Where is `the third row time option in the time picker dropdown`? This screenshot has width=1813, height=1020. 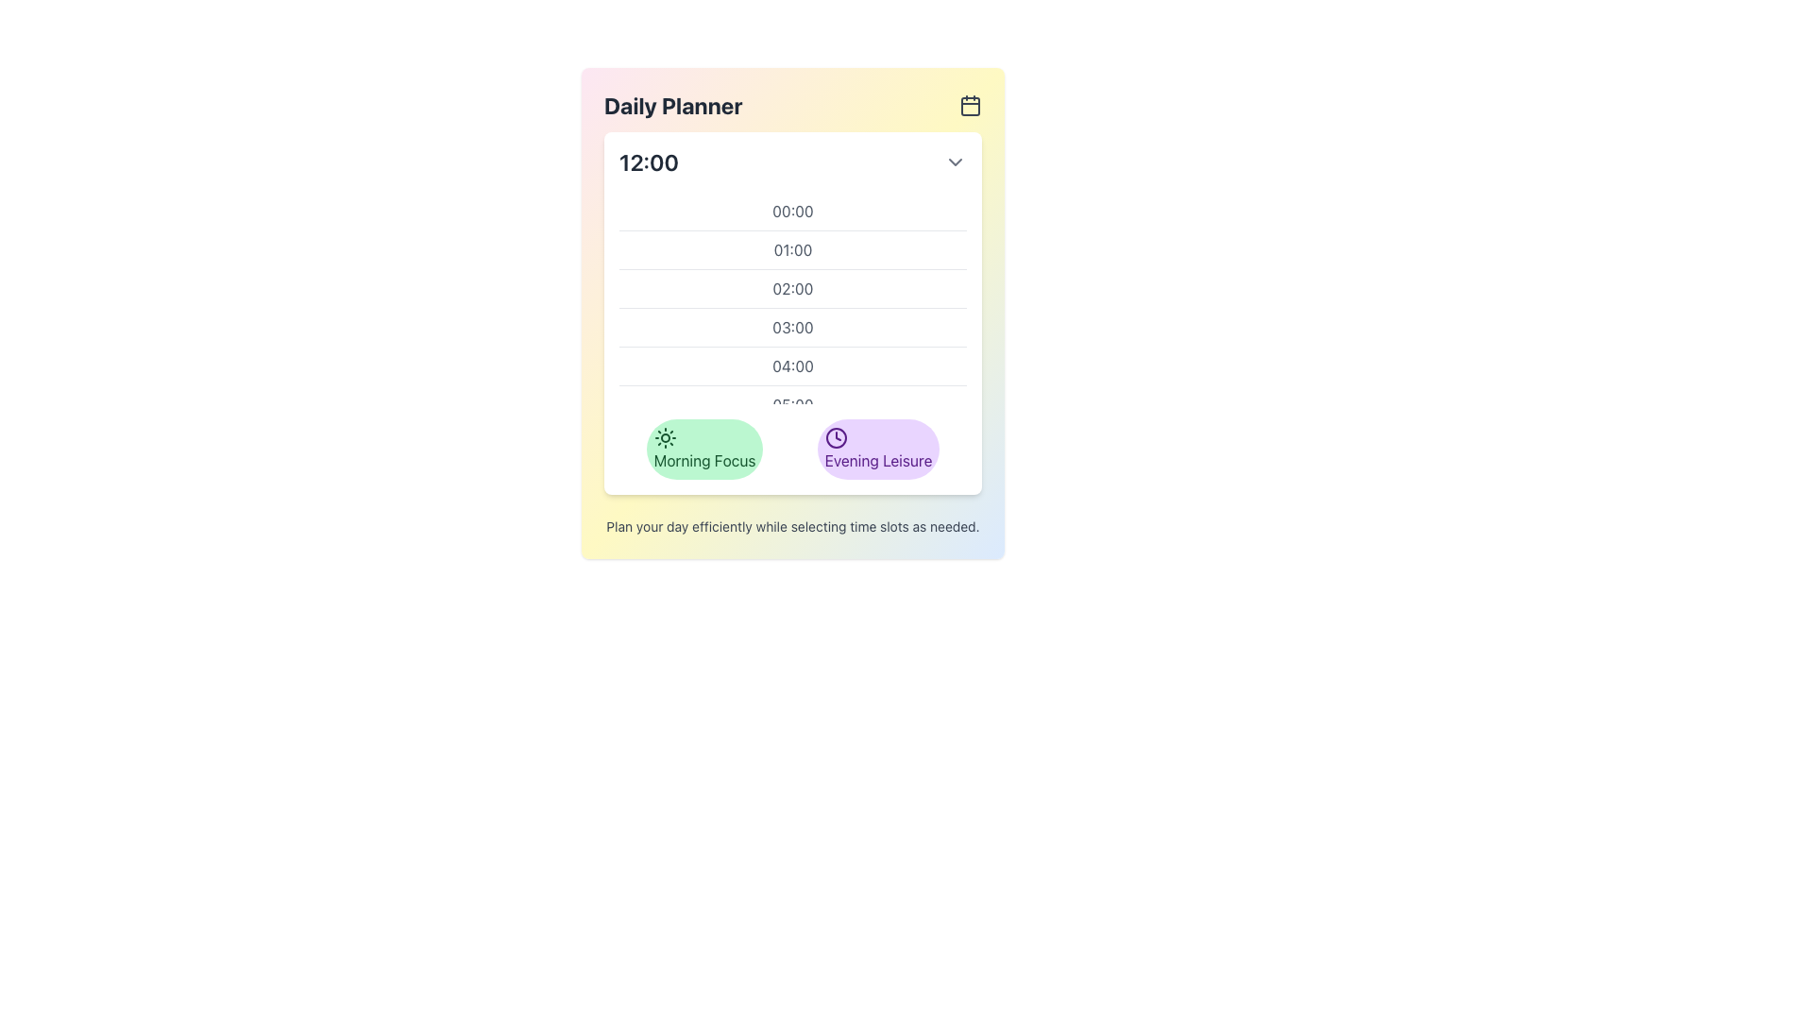
the third row time option in the time picker dropdown is located at coordinates (793, 287).